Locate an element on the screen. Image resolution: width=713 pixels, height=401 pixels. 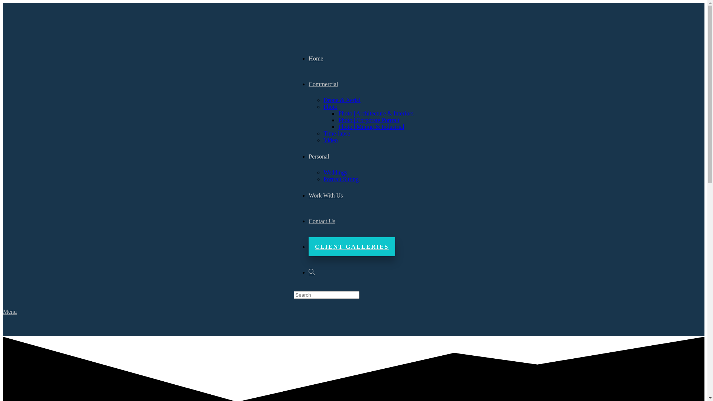
'Home' is located at coordinates (316, 58).